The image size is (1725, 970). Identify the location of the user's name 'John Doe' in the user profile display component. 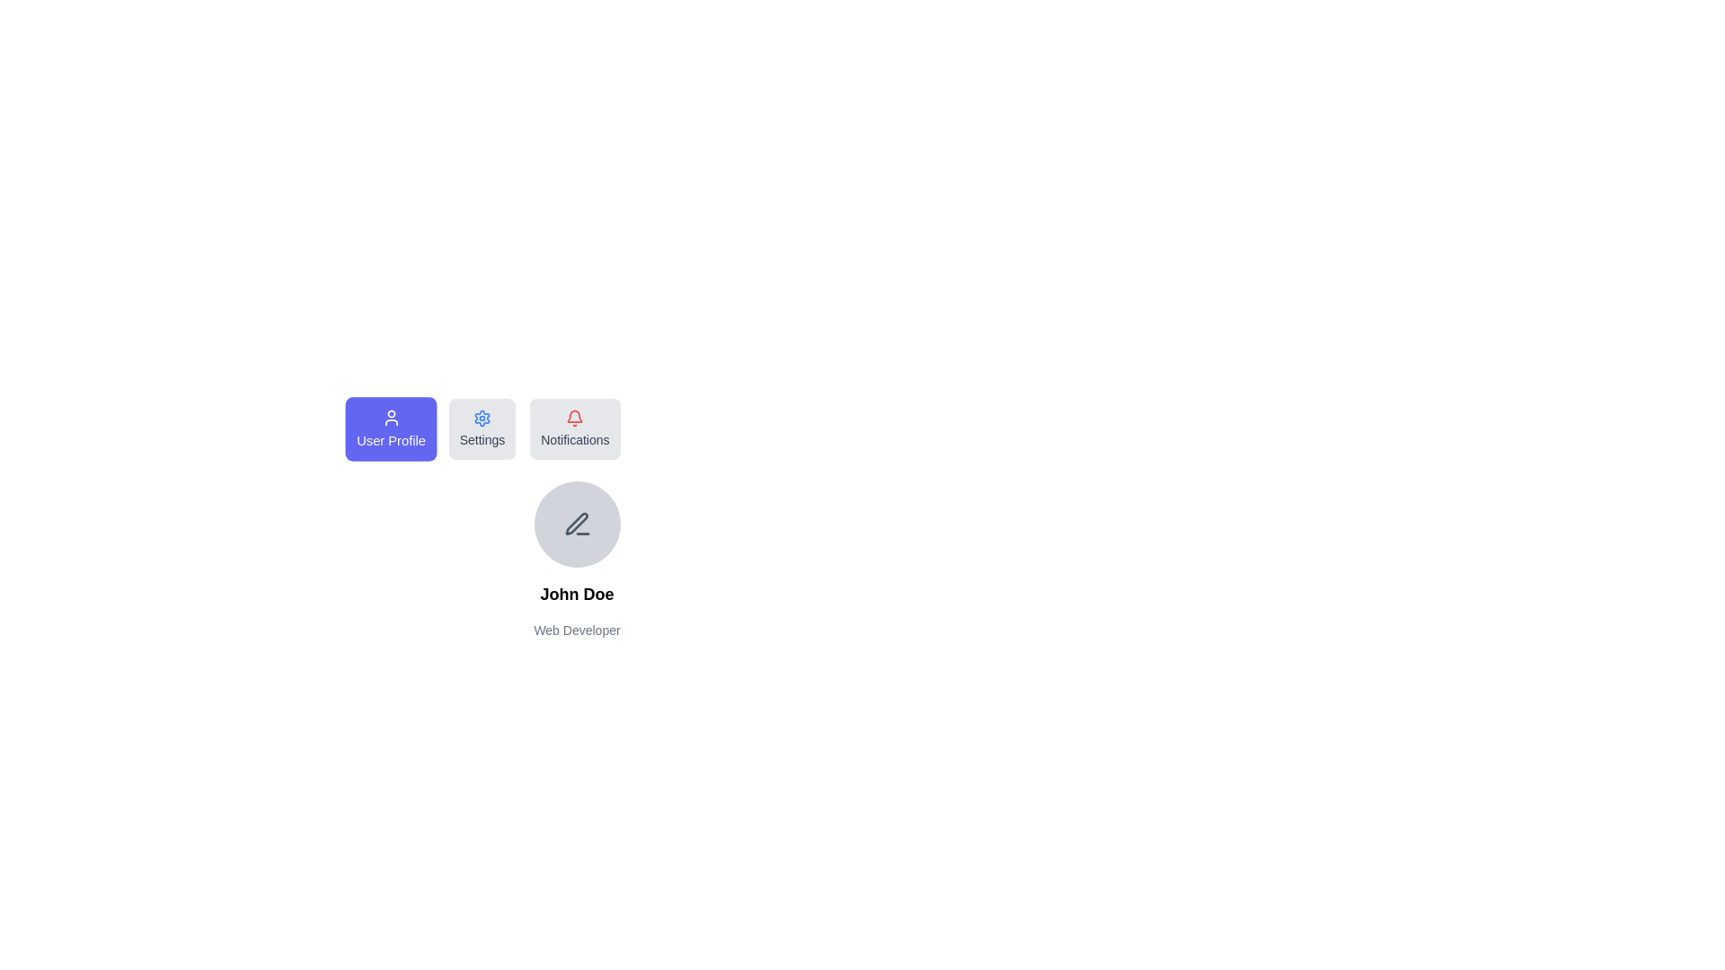
(577, 560).